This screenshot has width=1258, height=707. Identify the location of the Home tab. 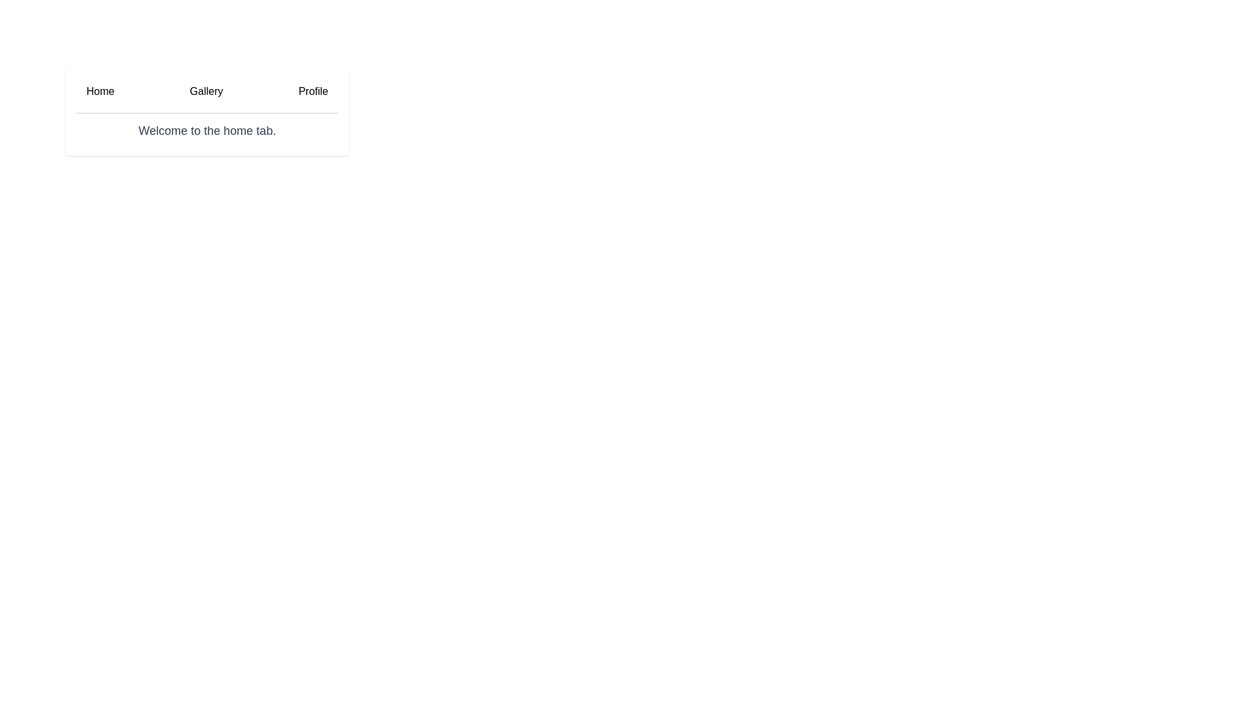
(100, 95).